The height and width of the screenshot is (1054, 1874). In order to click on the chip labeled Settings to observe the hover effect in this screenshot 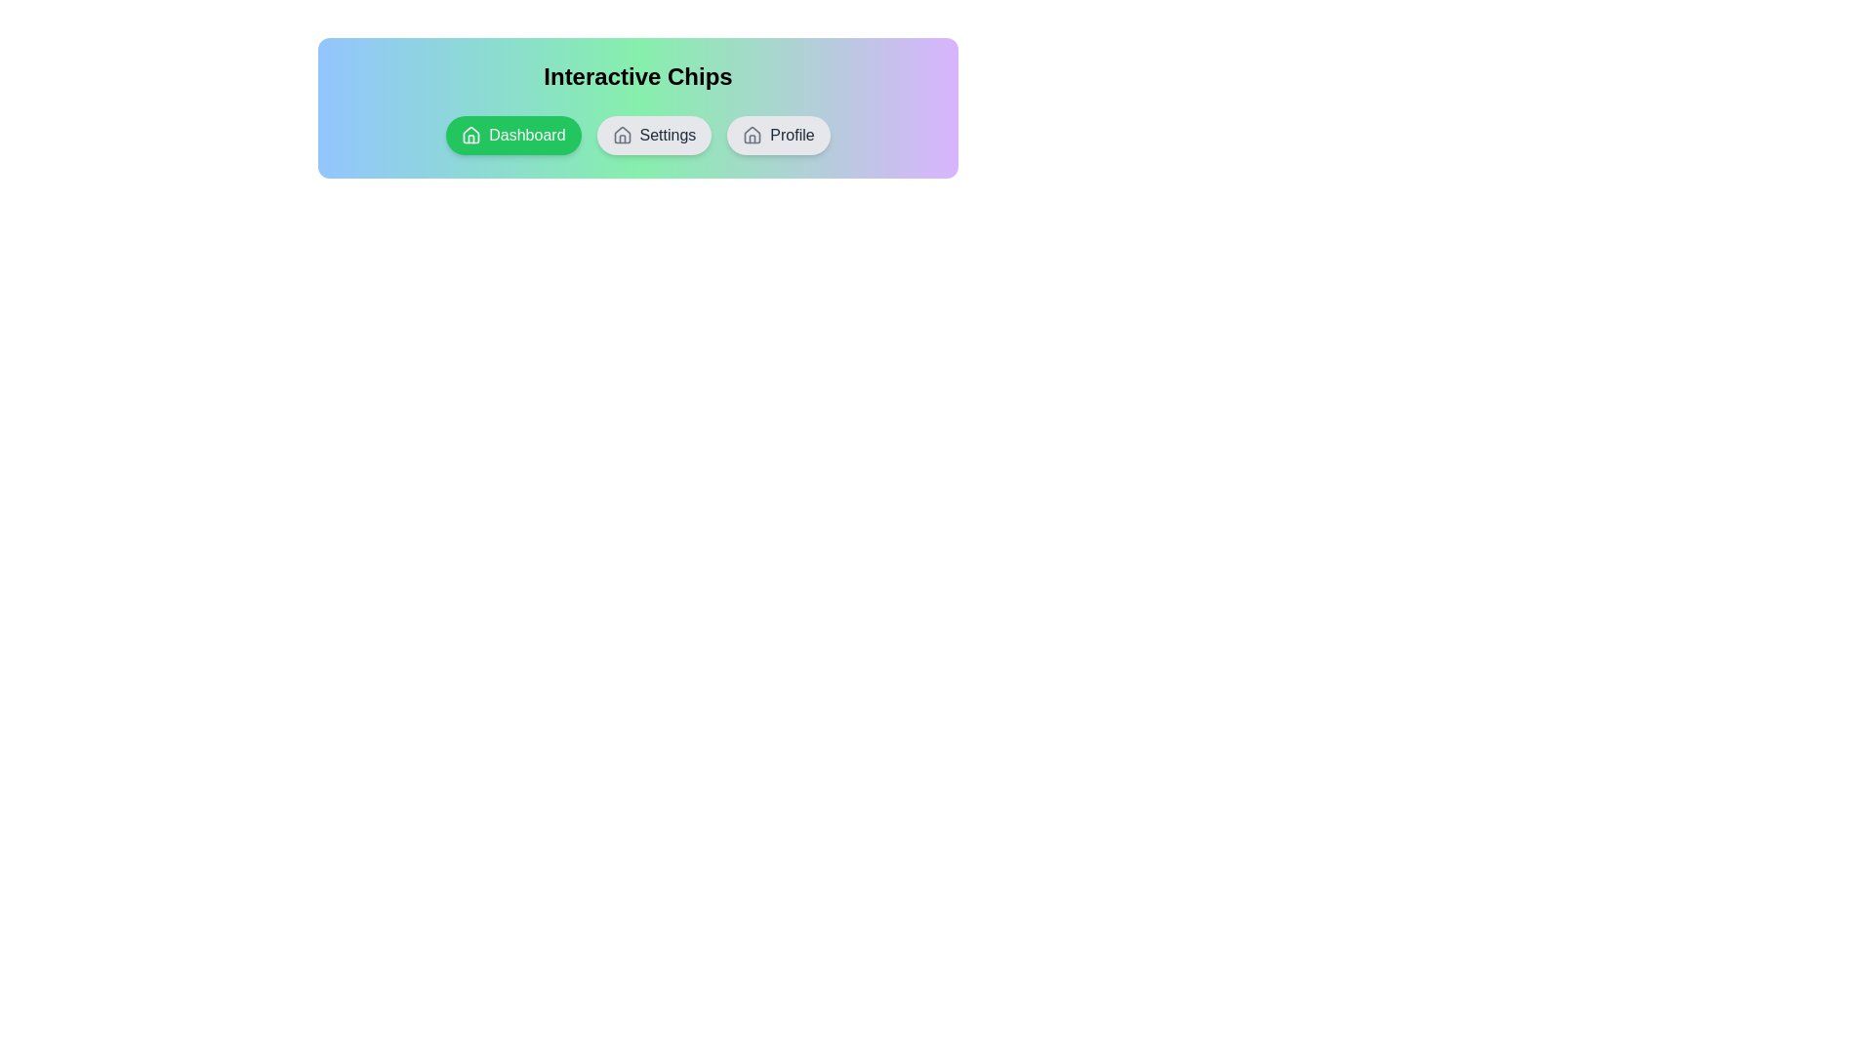, I will do `click(654, 134)`.